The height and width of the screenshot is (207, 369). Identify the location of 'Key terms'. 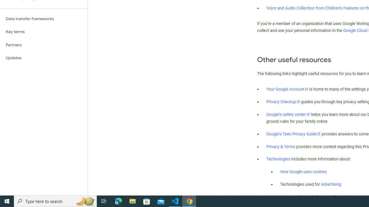
(44, 32).